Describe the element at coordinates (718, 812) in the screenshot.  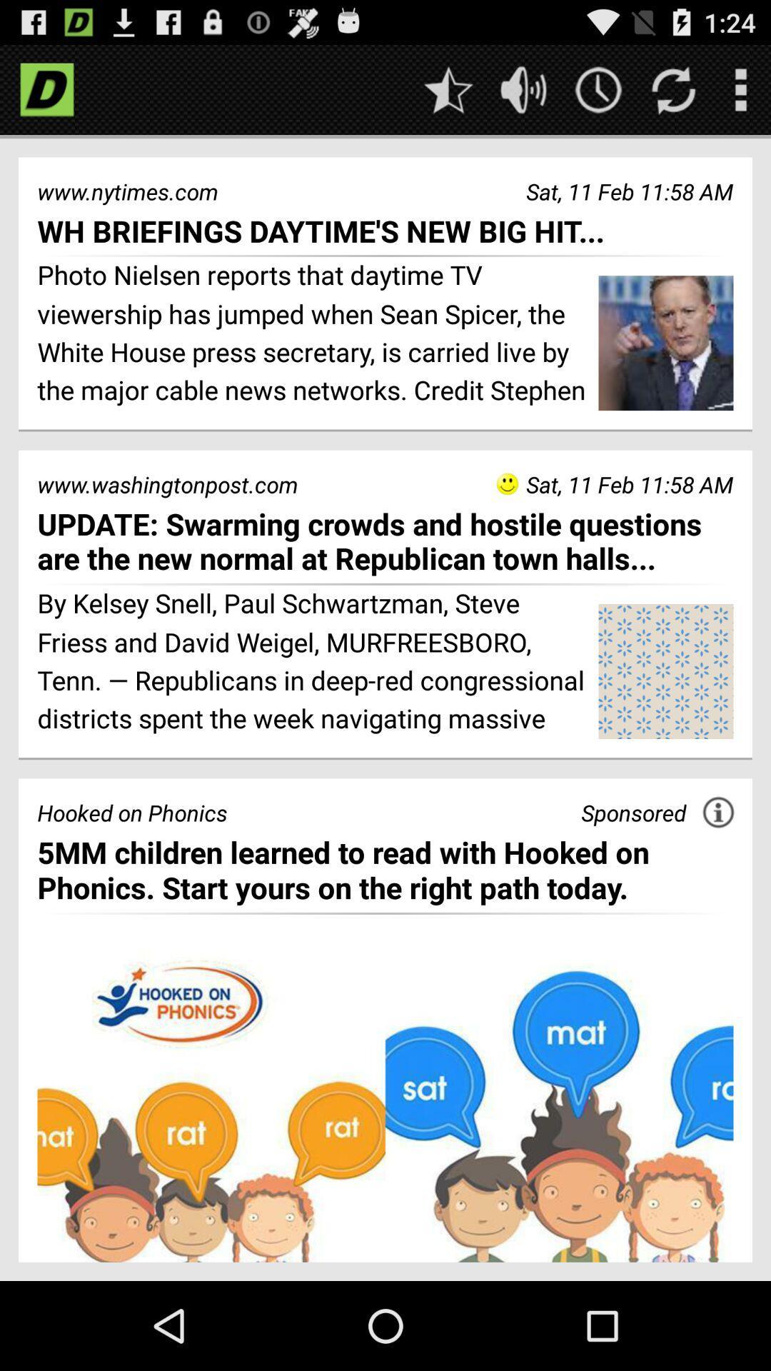
I see `item above 5mm children learned icon` at that location.